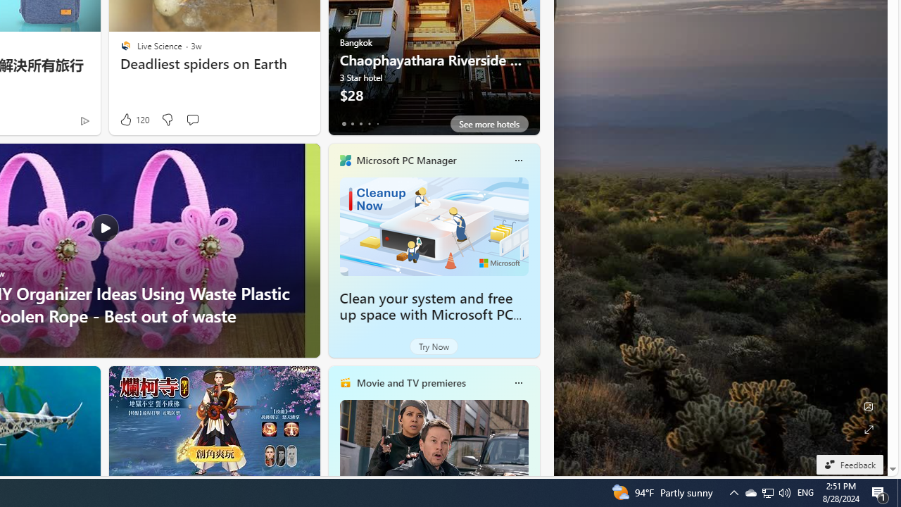 The height and width of the screenshot is (507, 901). What do you see at coordinates (867, 406) in the screenshot?
I see `'Edit Background'` at bounding box center [867, 406].